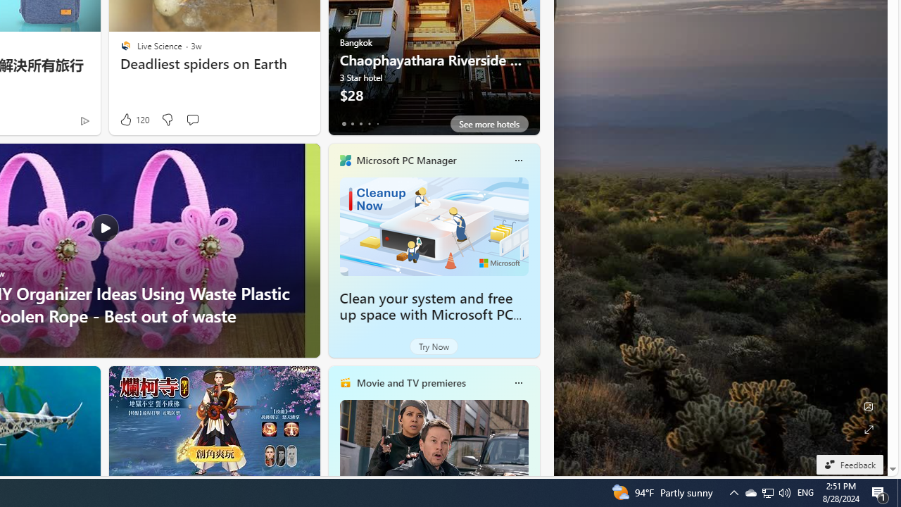 The height and width of the screenshot is (507, 901). What do you see at coordinates (867, 406) in the screenshot?
I see `'Edit Background'` at bounding box center [867, 406].